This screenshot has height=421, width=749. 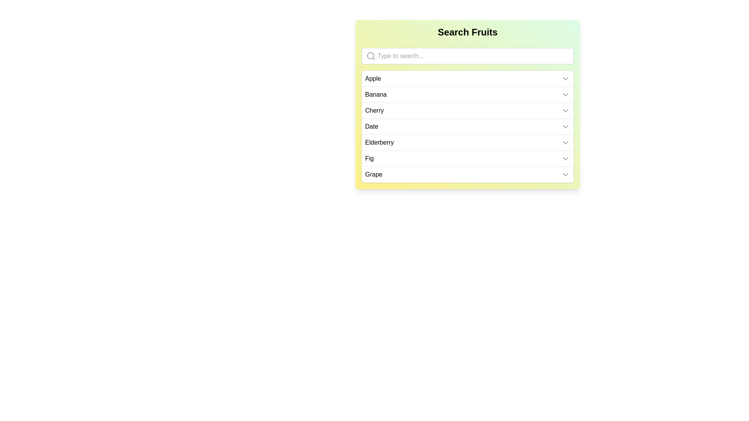 I want to click on the fifth item in the dropdown menu that allows users, so click(x=468, y=142).